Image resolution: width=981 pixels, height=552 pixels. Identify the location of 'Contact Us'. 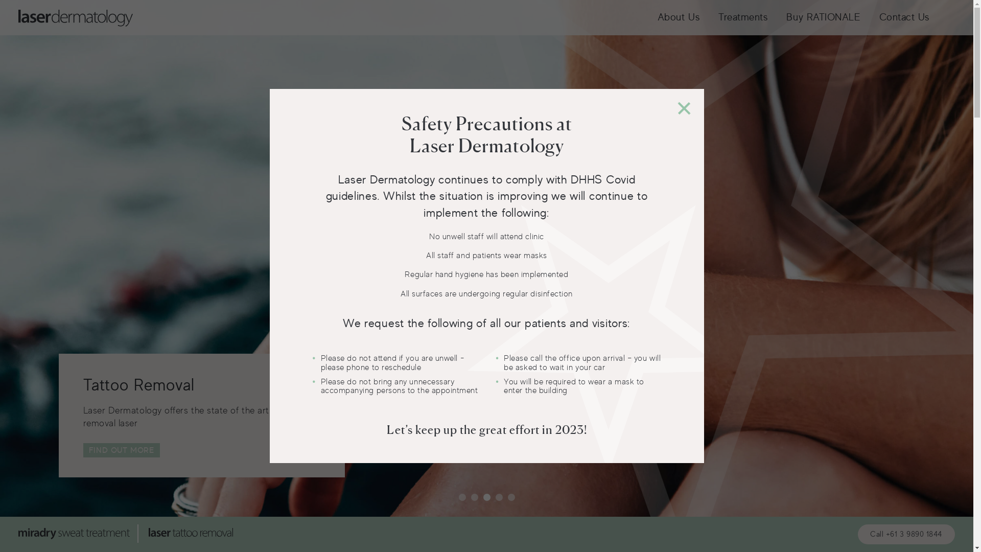
(875, 17).